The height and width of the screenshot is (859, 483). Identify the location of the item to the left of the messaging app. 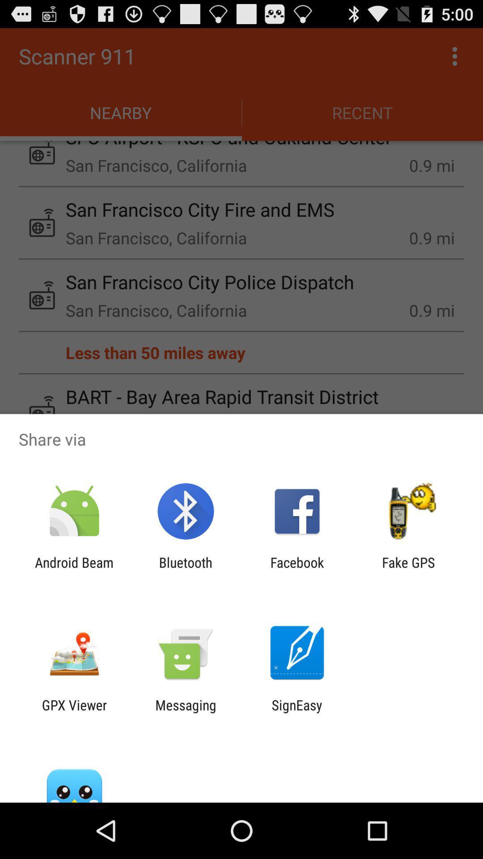
(74, 712).